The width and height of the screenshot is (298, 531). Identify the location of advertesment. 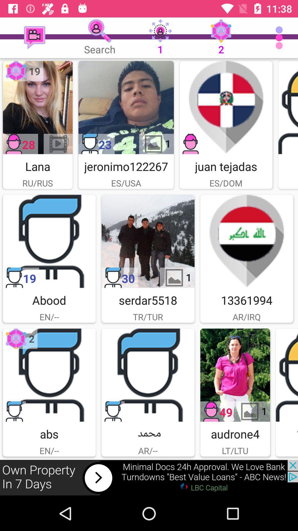
(148, 241).